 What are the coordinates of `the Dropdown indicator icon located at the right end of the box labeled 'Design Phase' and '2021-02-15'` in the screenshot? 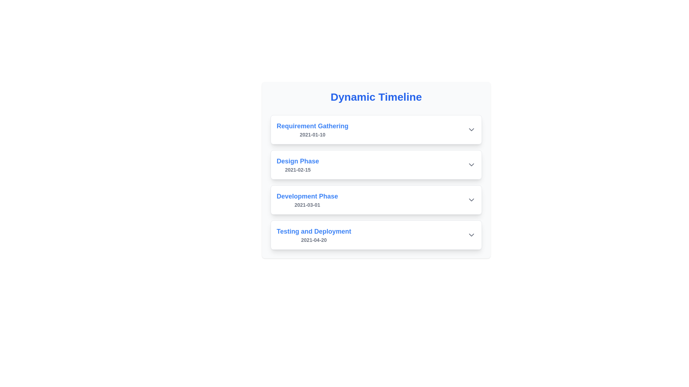 It's located at (472, 164).